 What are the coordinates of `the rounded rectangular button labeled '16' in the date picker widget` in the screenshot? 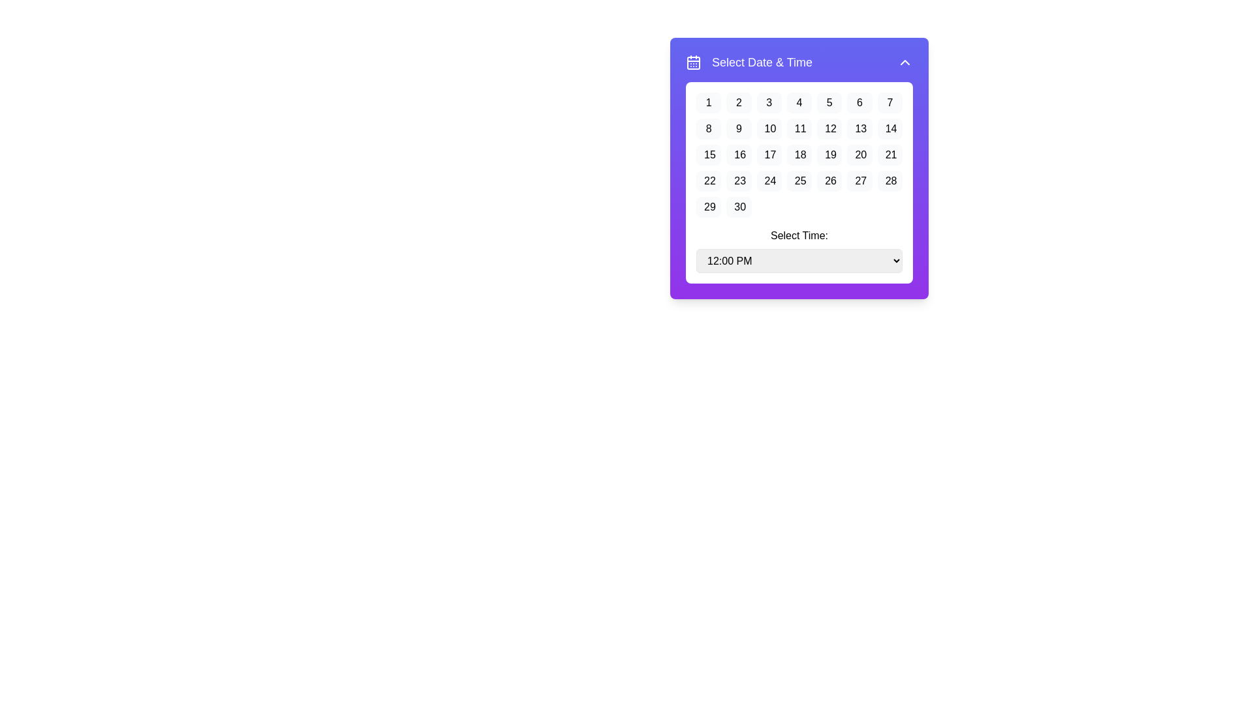 It's located at (739, 154).